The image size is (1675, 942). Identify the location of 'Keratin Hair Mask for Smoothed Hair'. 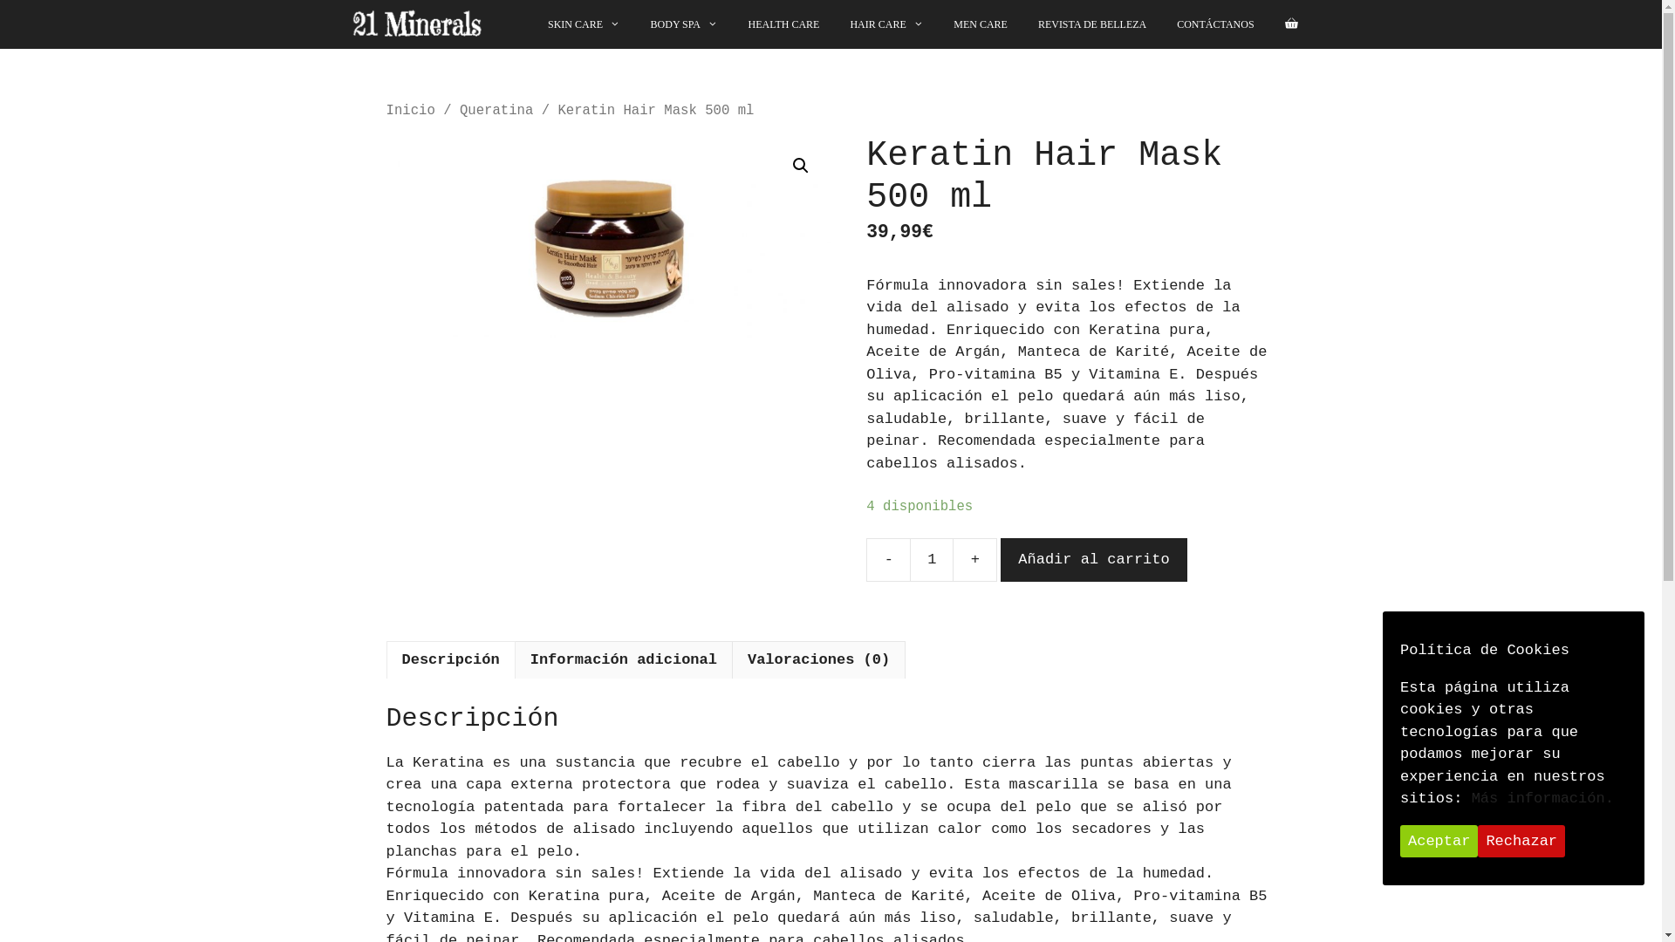
(607, 236).